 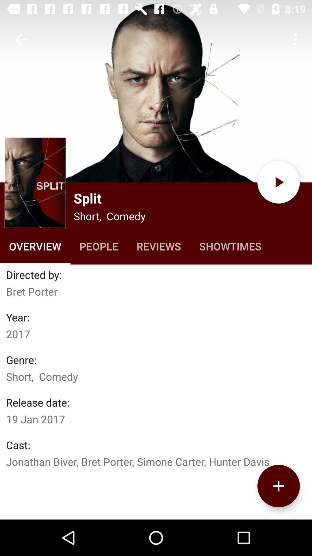 What do you see at coordinates (278, 486) in the screenshot?
I see `the icon at the bottom right corner` at bounding box center [278, 486].